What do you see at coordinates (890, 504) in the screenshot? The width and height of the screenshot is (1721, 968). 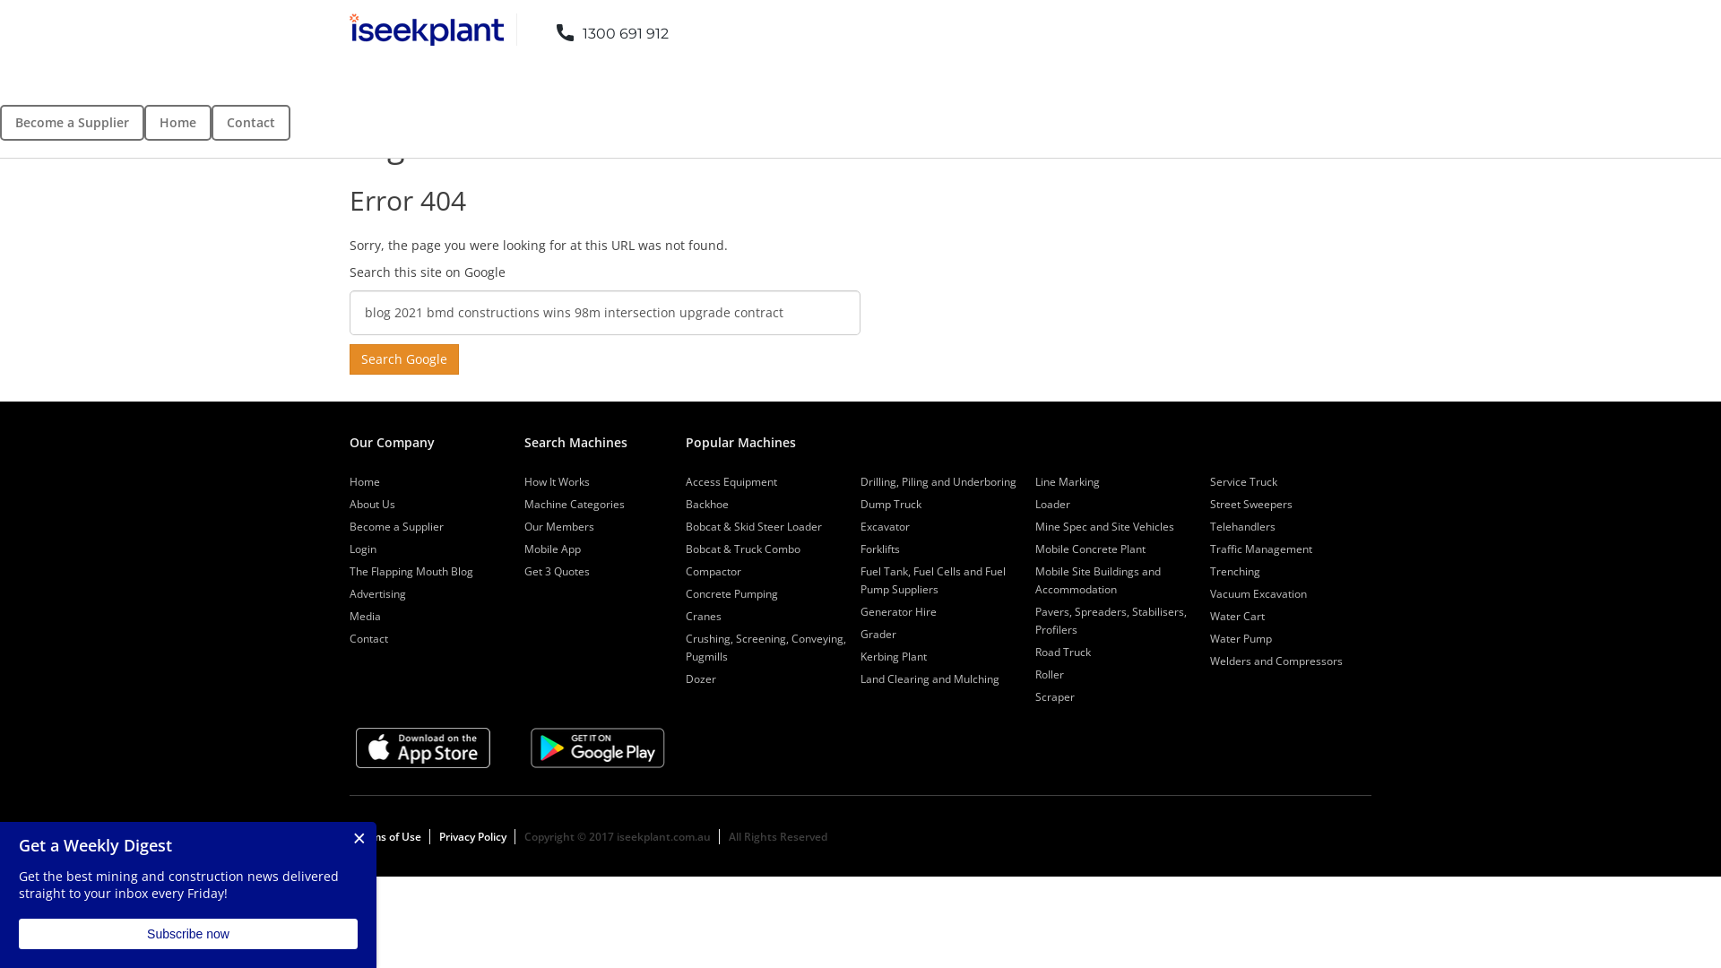 I see `'Dump Truck'` at bounding box center [890, 504].